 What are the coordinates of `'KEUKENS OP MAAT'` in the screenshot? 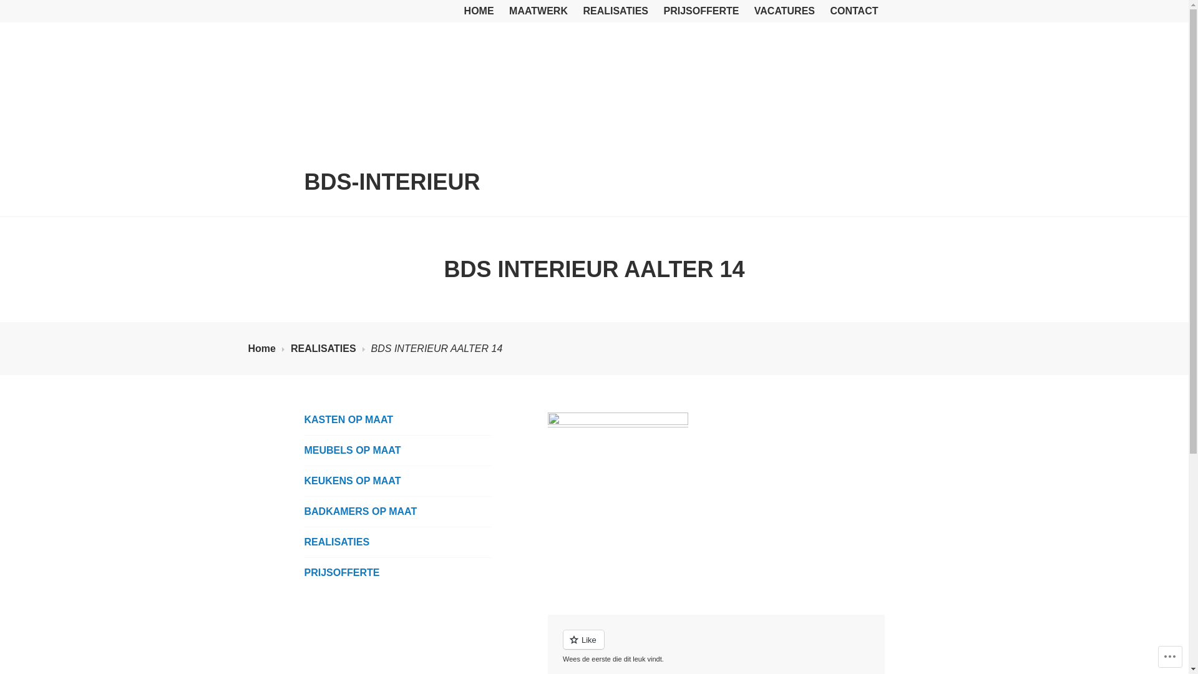 It's located at (397, 481).